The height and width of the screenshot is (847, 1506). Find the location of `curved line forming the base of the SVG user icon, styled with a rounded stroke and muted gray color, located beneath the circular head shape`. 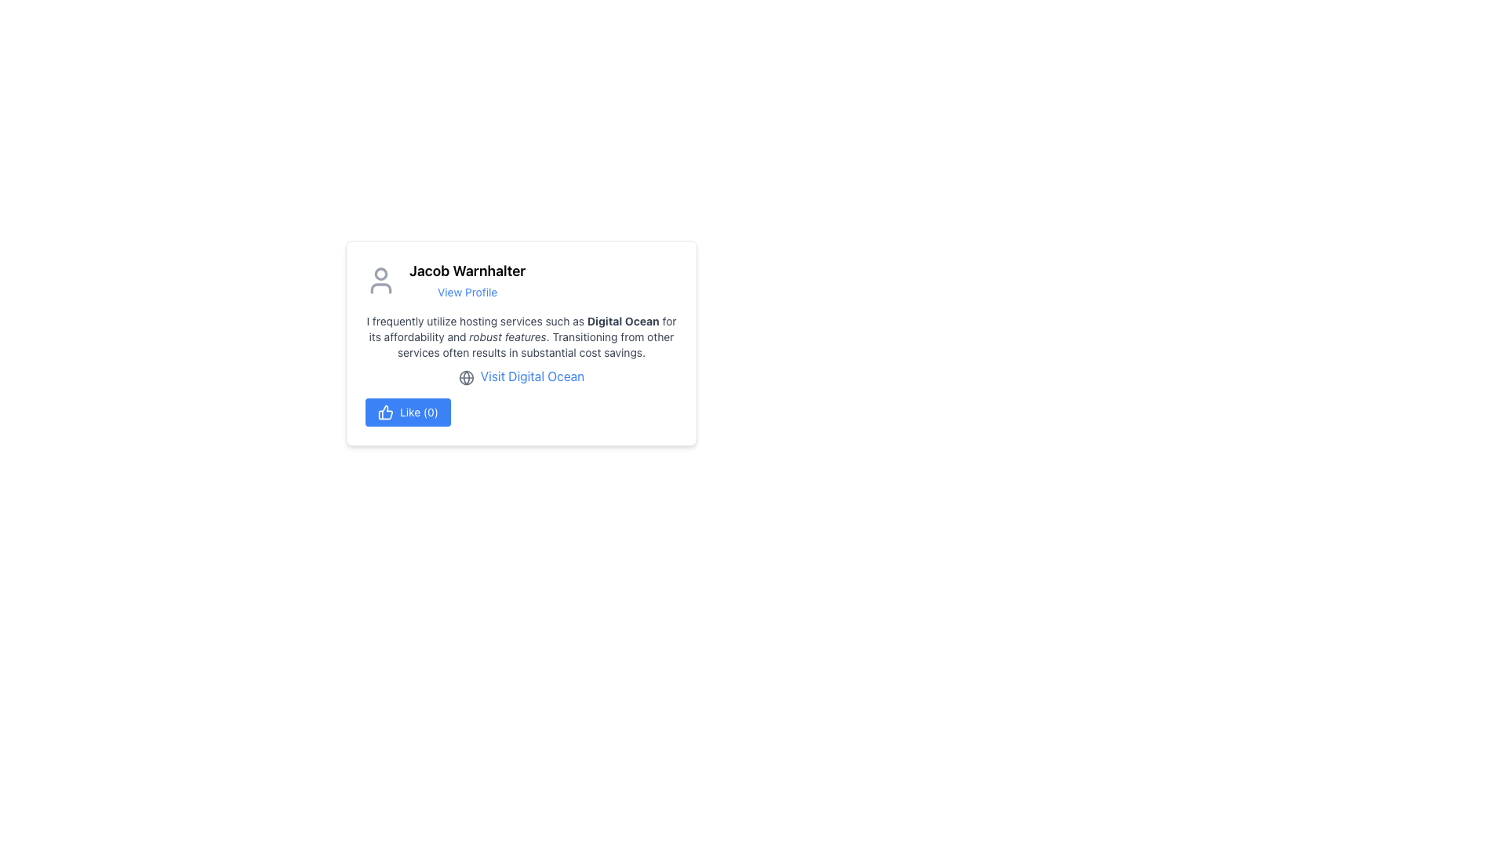

curved line forming the base of the SVG user icon, styled with a rounded stroke and muted gray color, located beneath the circular head shape is located at coordinates (380, 288).